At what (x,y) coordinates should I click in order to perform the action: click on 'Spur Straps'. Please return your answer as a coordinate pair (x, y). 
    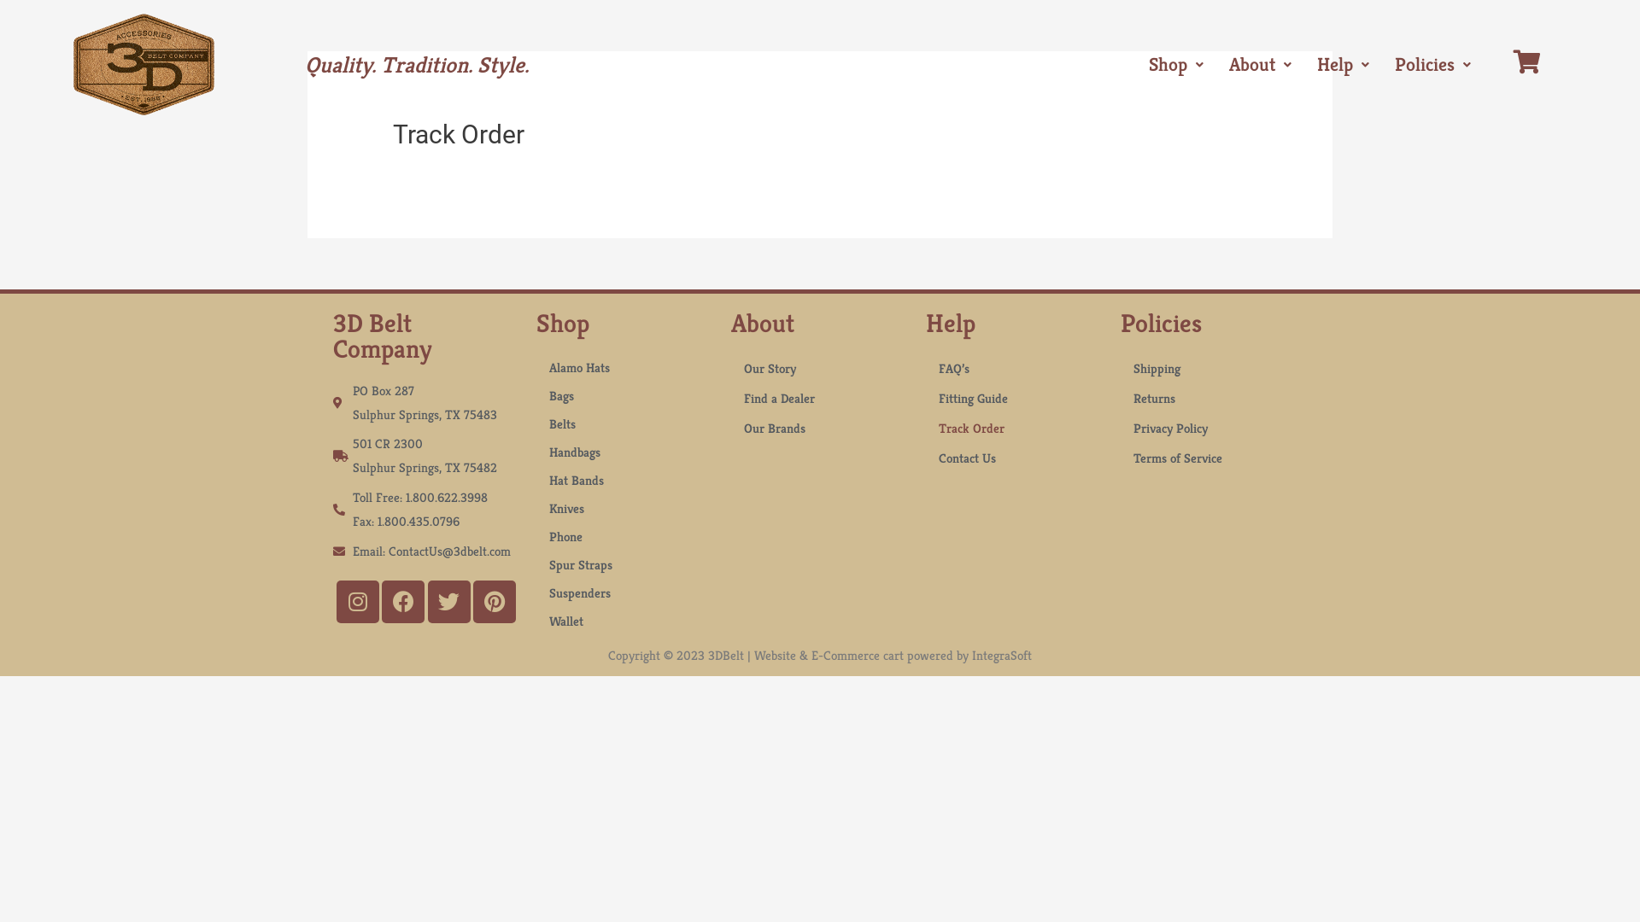
    Looking at the image, I should click on (624, 564).